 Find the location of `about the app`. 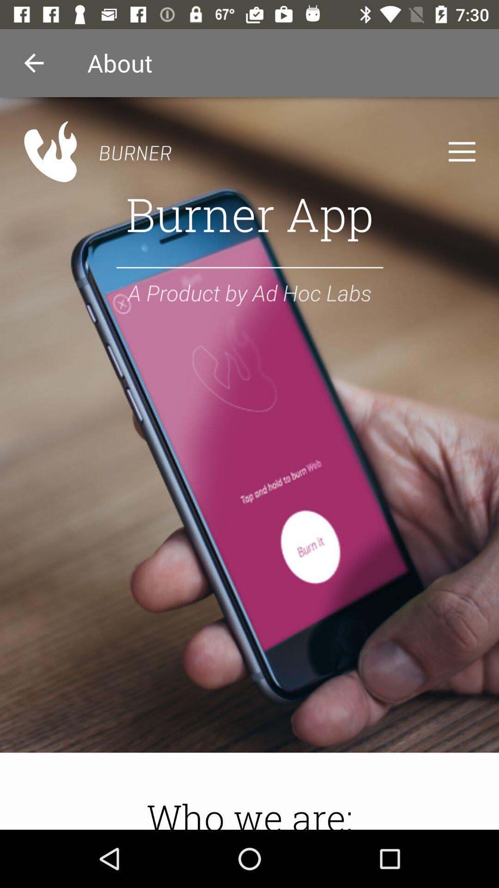

about the app is located at coordinates (249, 463).